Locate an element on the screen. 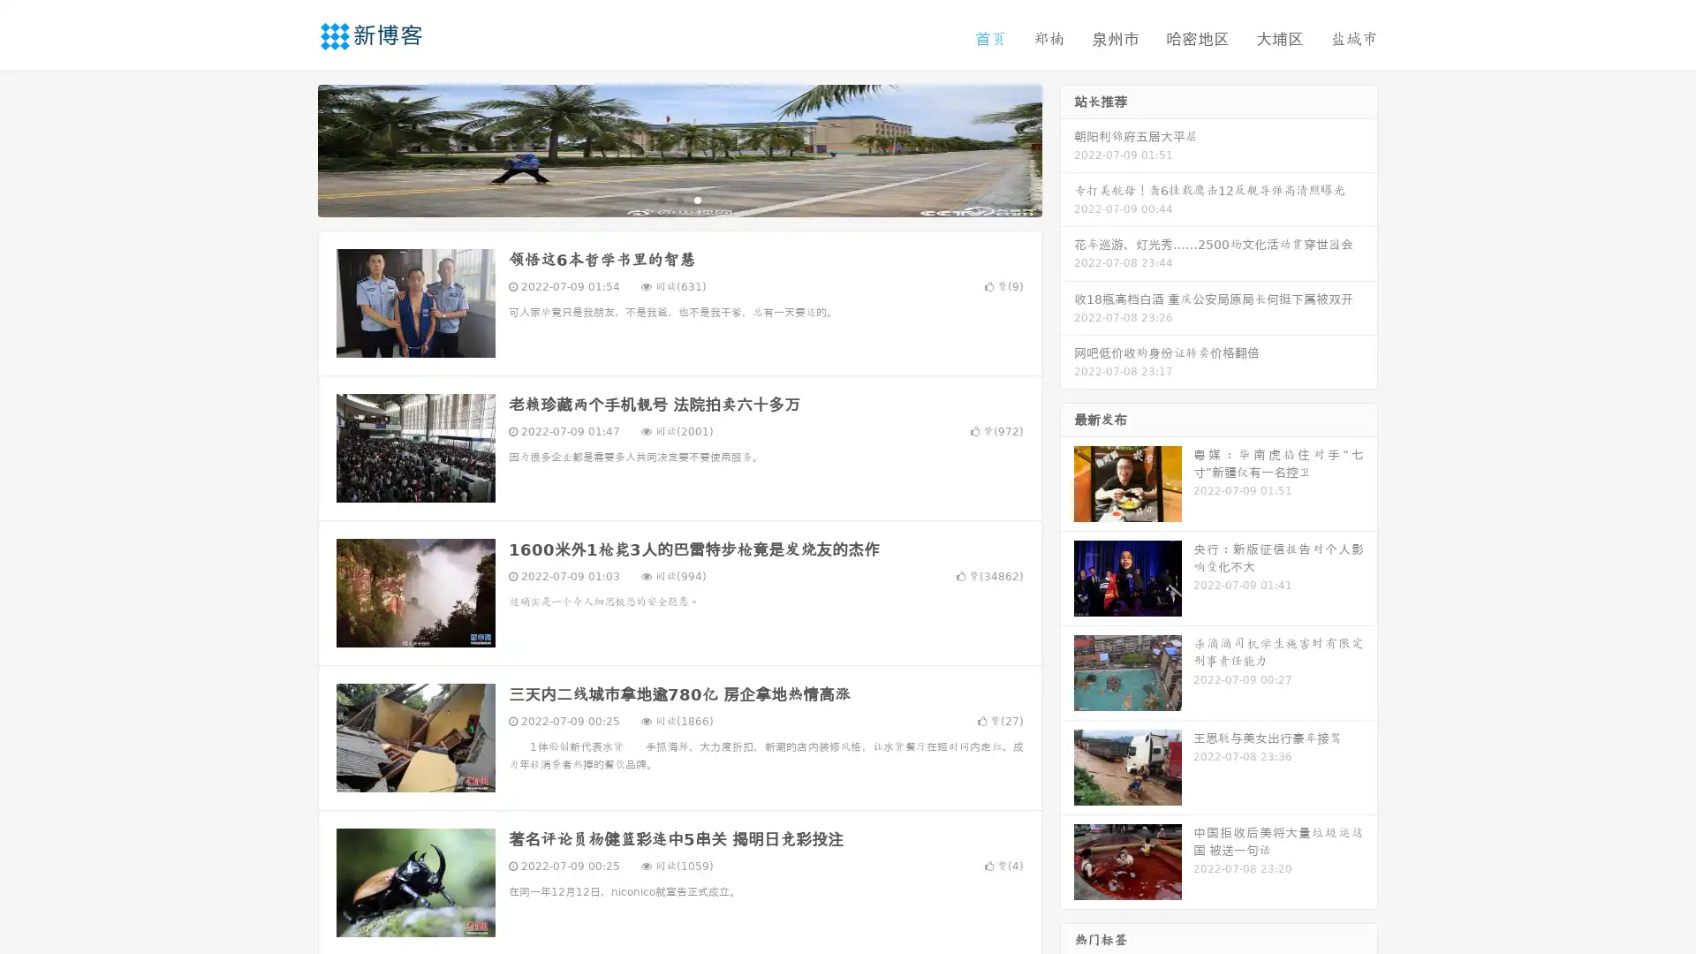 The image size is (1696, 954). Go to slide 2 is located at coordinates (678, 199).